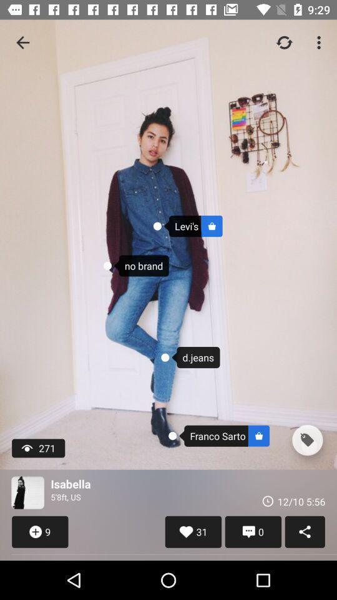 This screenshot has width=337, height=600. Describe the element at coordinates (27, 492) in the screenshot. I see `user` at that location.